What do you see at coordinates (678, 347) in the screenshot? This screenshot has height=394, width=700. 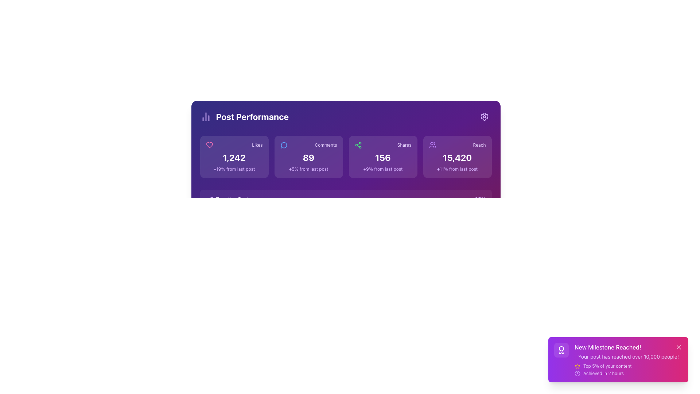 I see `the close icon located at the center of the SVG in the top-right corner of the 'New Milestone Reached!' notification card` at bounding box center [678, 347].